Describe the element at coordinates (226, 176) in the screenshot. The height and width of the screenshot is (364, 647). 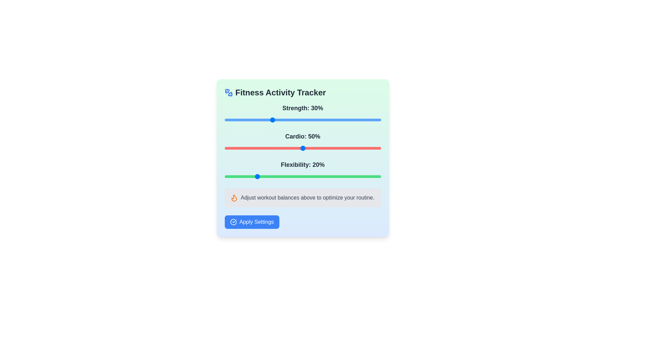
I see `the flexibility level` at that location.